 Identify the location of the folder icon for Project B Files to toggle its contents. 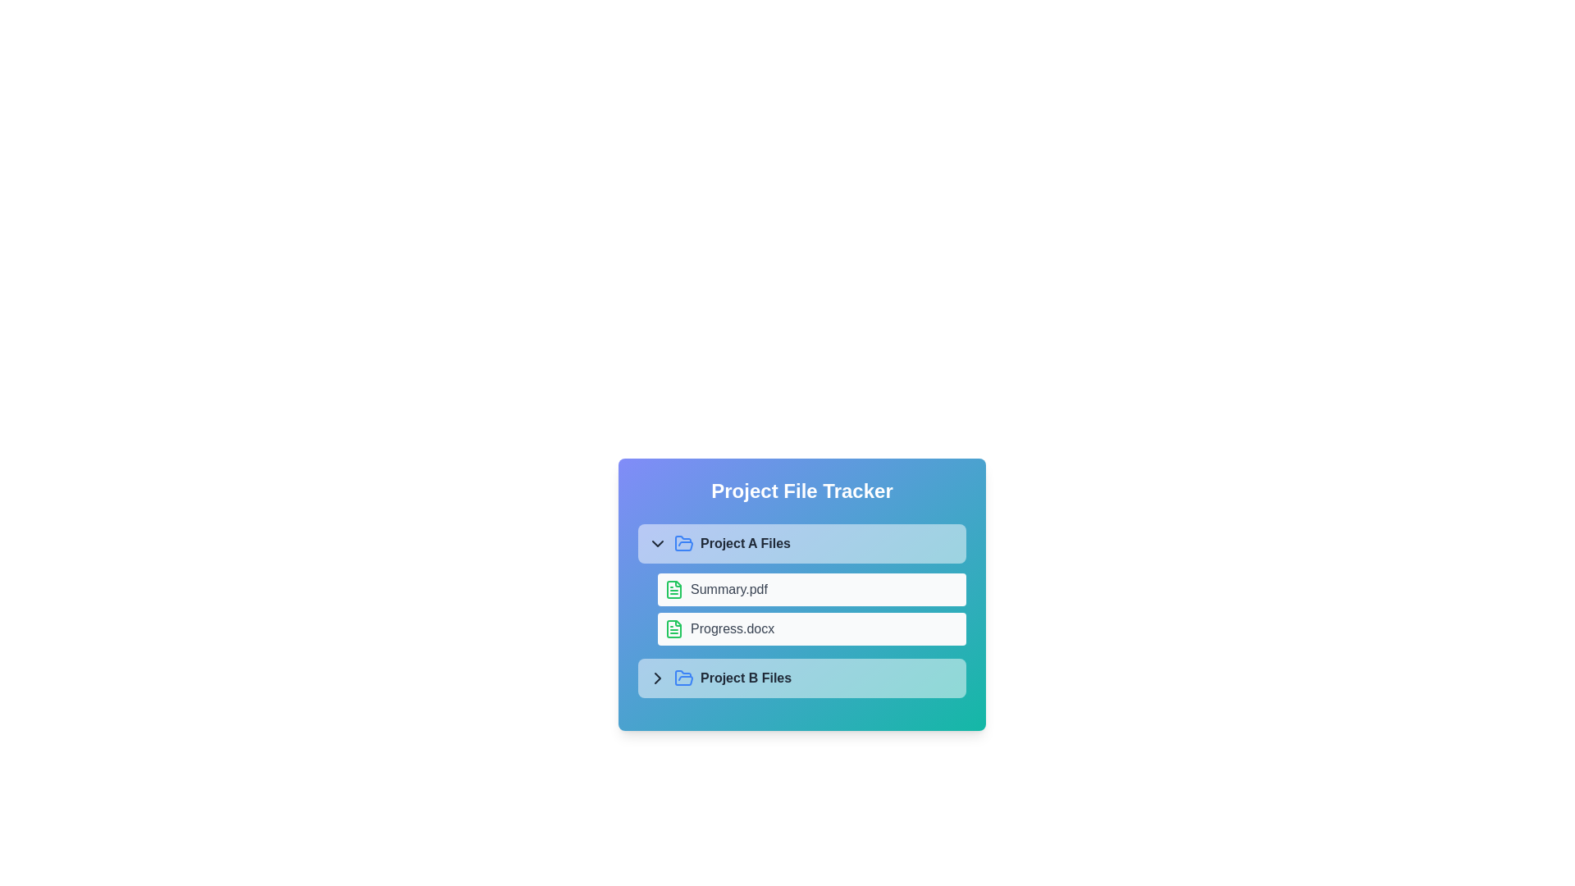
(684, 678).